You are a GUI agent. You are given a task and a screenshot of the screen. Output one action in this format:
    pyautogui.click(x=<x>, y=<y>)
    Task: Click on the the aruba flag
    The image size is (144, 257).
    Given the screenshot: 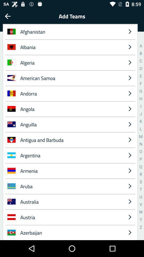 What is the action you would take?
    pyautogui.click(x=11, y=186)
    